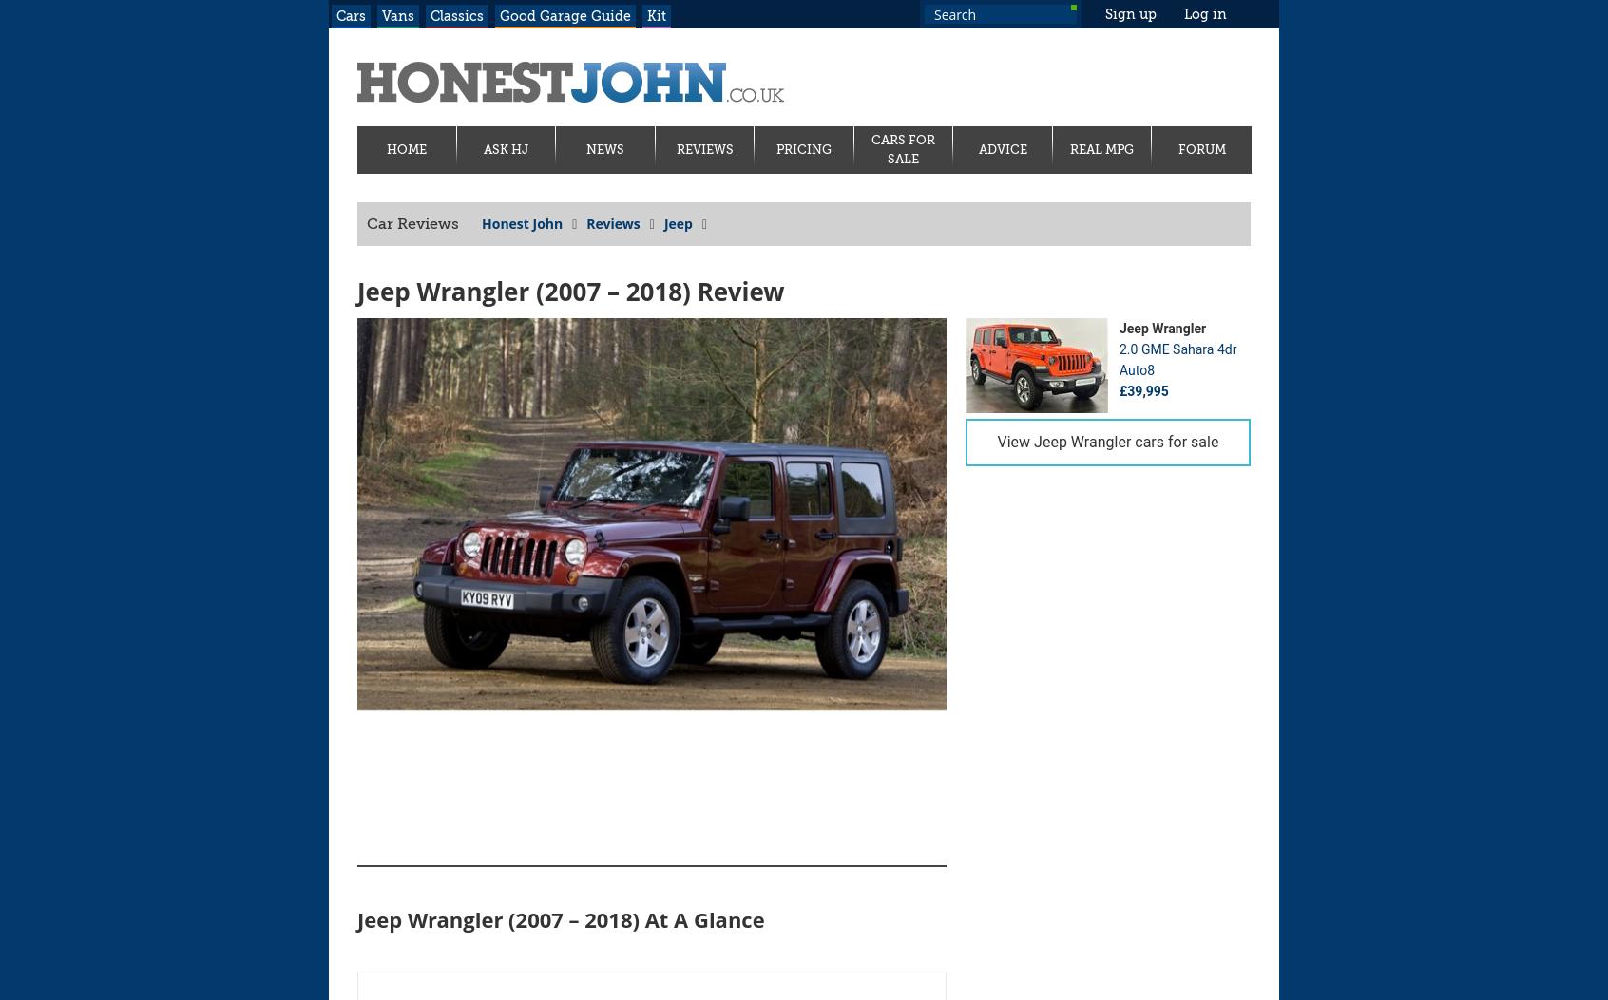  Describe the element at coordinates (657, 15) in the screenshot. I see `'Kit'` at that location.